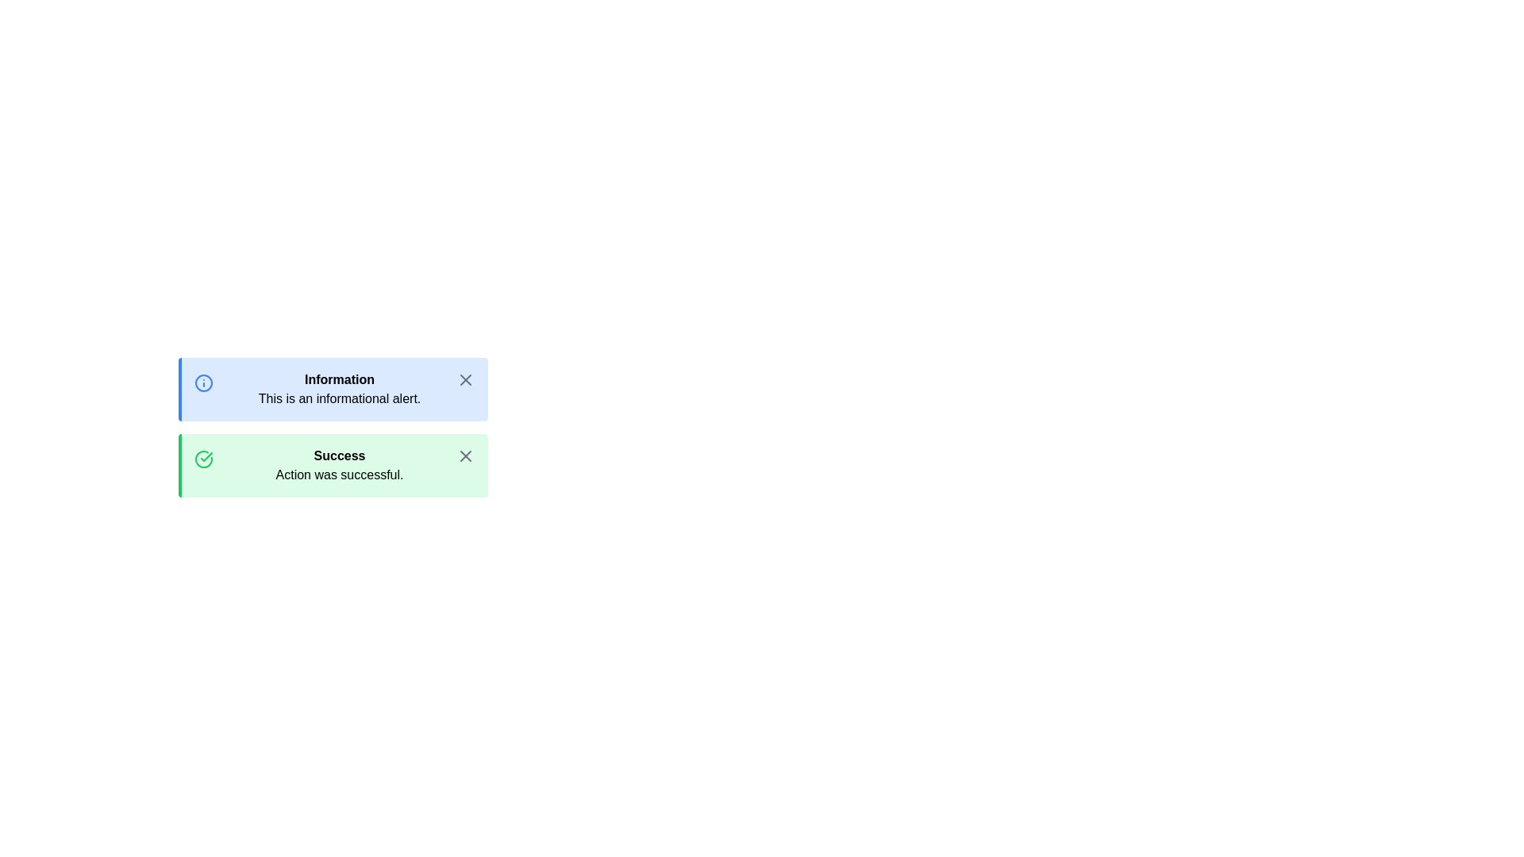  What do you see at coordinates (464, 379) in the screenshot?
I see `the Close Button located in the top-right corner of the blue alert box` at bounding box center [464, 379].